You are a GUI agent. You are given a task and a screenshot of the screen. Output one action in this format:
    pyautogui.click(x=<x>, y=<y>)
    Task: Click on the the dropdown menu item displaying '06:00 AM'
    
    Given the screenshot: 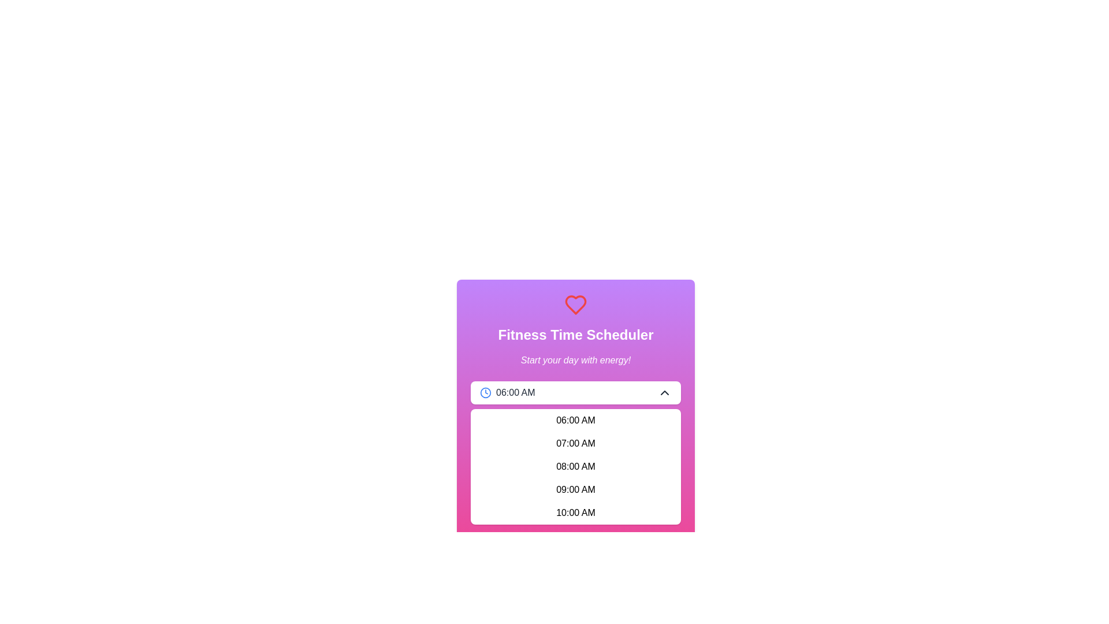 What is the action you would take?
    pyautogui.click(x=576, y=421)
    